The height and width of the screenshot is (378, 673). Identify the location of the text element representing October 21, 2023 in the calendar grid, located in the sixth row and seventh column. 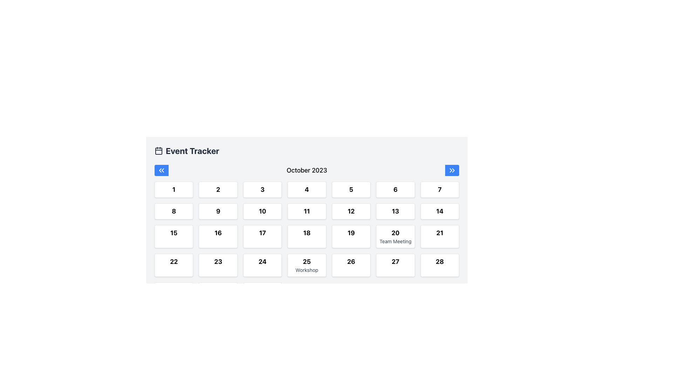
(439, 233).